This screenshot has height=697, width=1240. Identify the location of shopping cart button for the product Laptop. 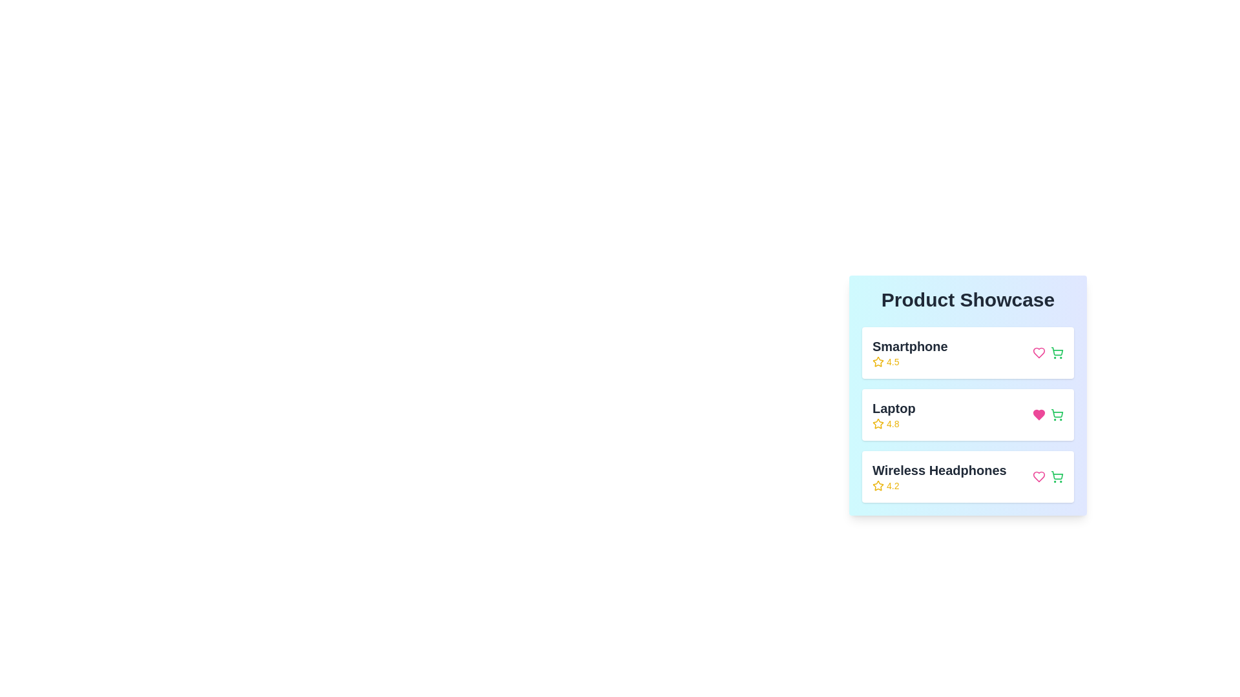
(1057, 415).